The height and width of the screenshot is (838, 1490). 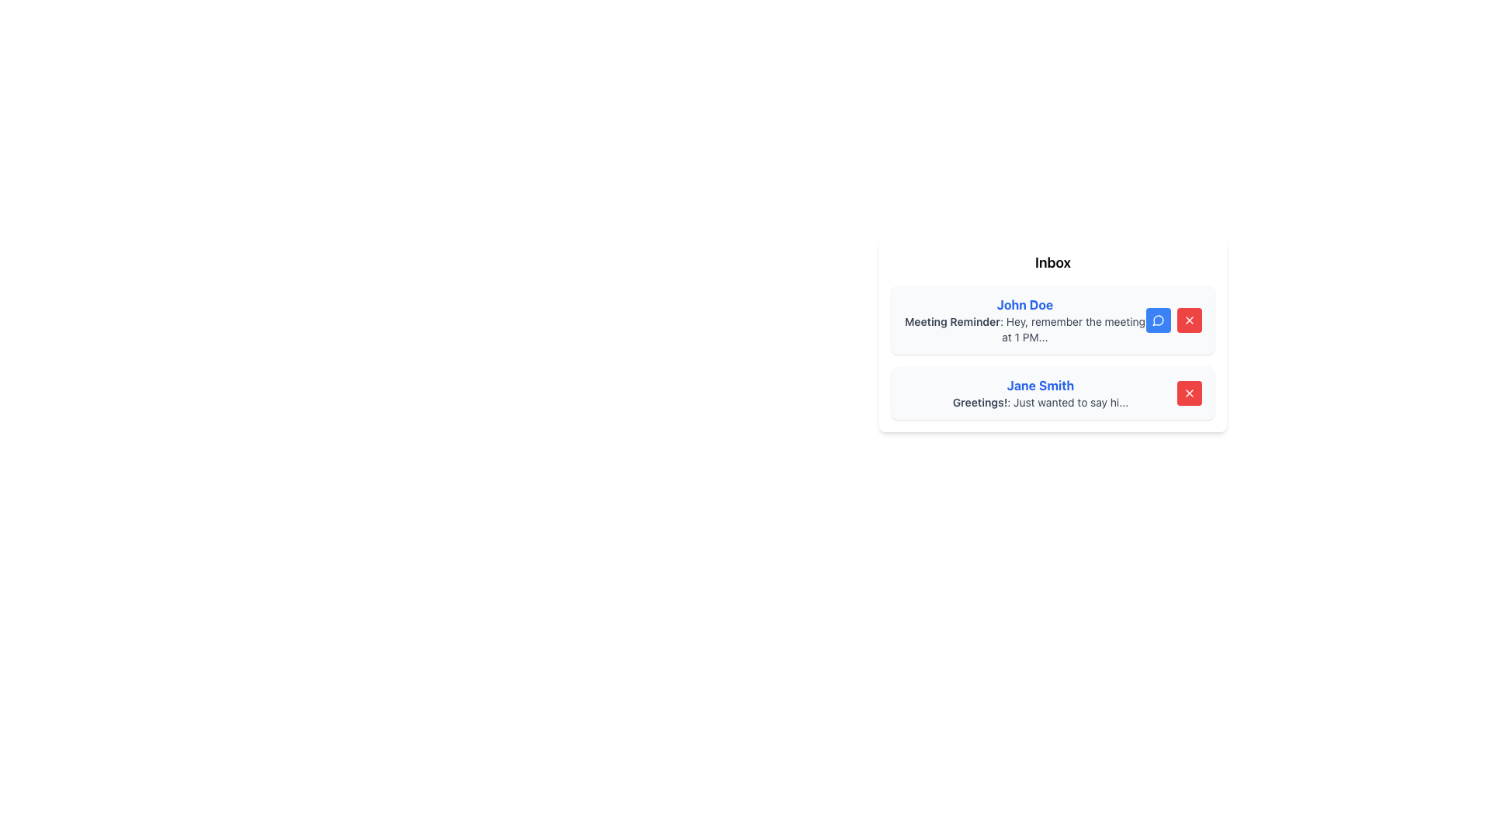 I want to click on the message preview text for the user 'Jane Smith' located in the middle-right of the inbox interface, so click(x=1040, y=402).